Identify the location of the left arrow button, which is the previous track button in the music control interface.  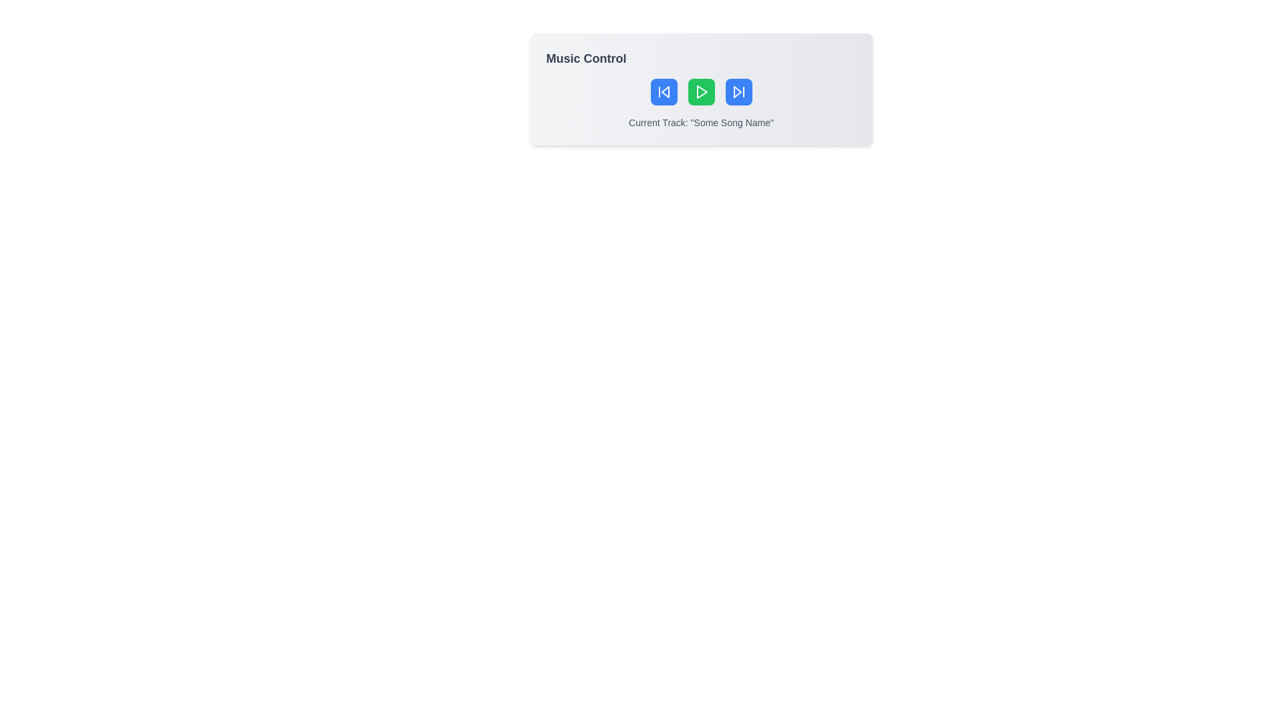
(665, 91).